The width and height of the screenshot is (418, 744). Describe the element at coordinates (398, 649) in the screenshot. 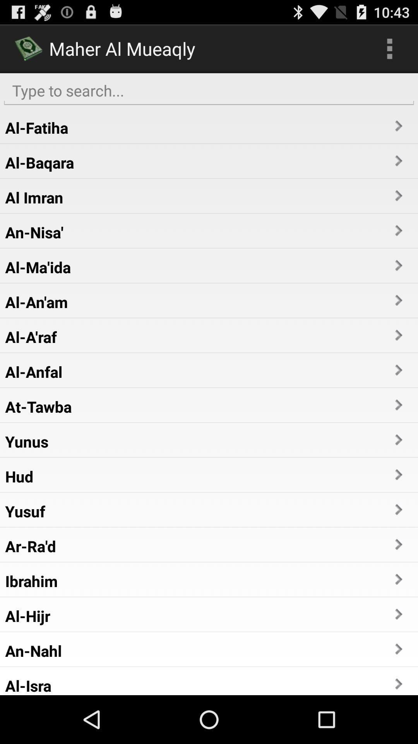

I see `the app to the right of an-nahl app` at that location.